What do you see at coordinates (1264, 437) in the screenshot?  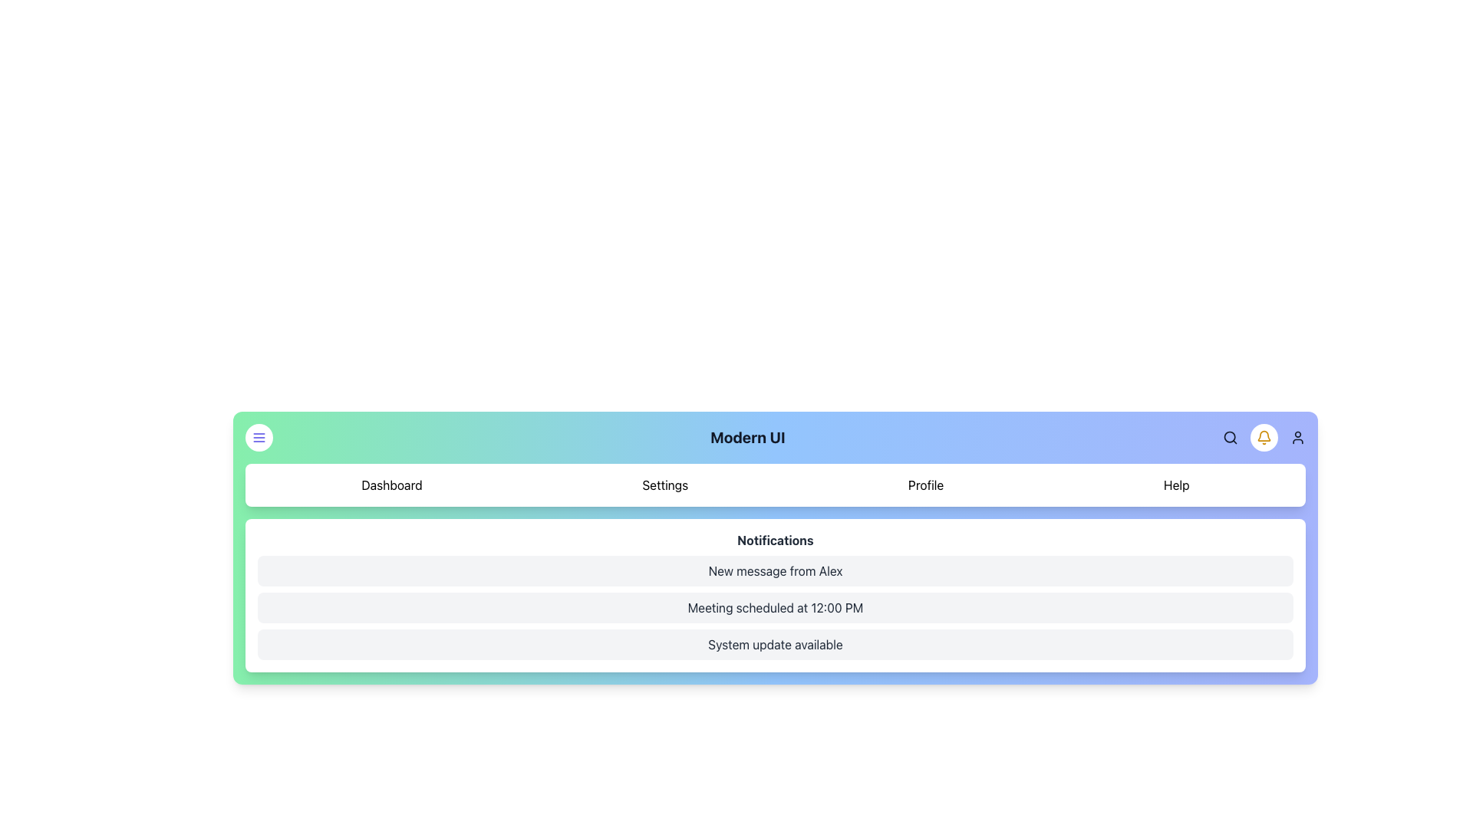 I see `the bell-shaped icon button with a yellow outline located in the application's header` at bounding box center [1264, 437].